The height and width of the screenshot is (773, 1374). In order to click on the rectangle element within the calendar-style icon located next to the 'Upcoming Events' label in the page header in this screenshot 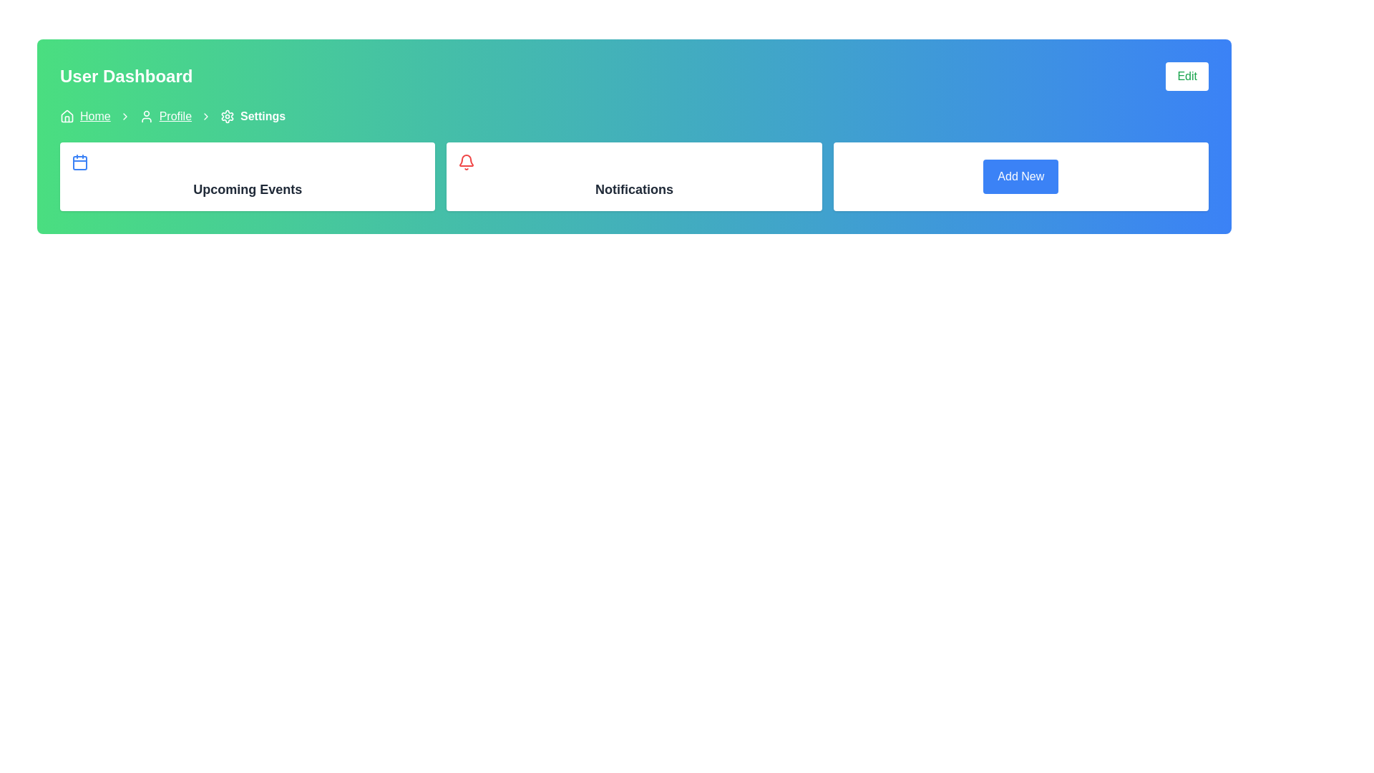, I will do `click(79, 162)`.